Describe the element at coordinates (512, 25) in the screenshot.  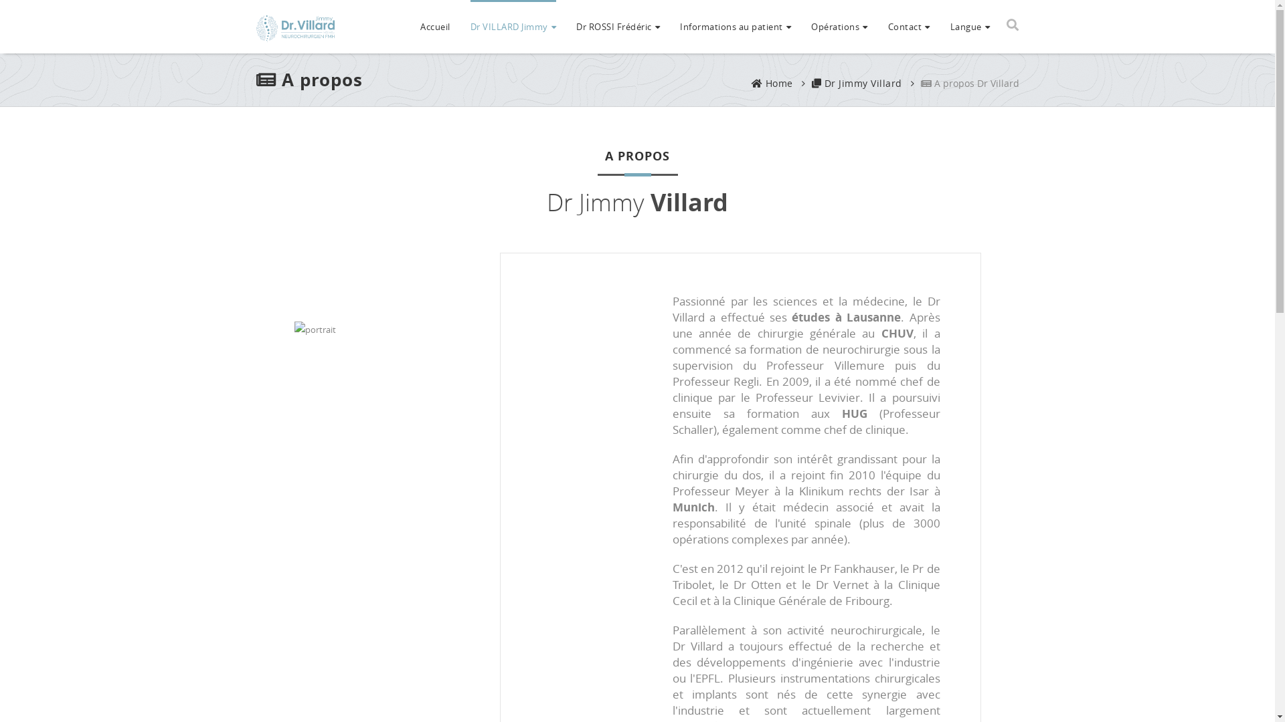
I see `'Dr VILLARD Jimmy'` at that location.